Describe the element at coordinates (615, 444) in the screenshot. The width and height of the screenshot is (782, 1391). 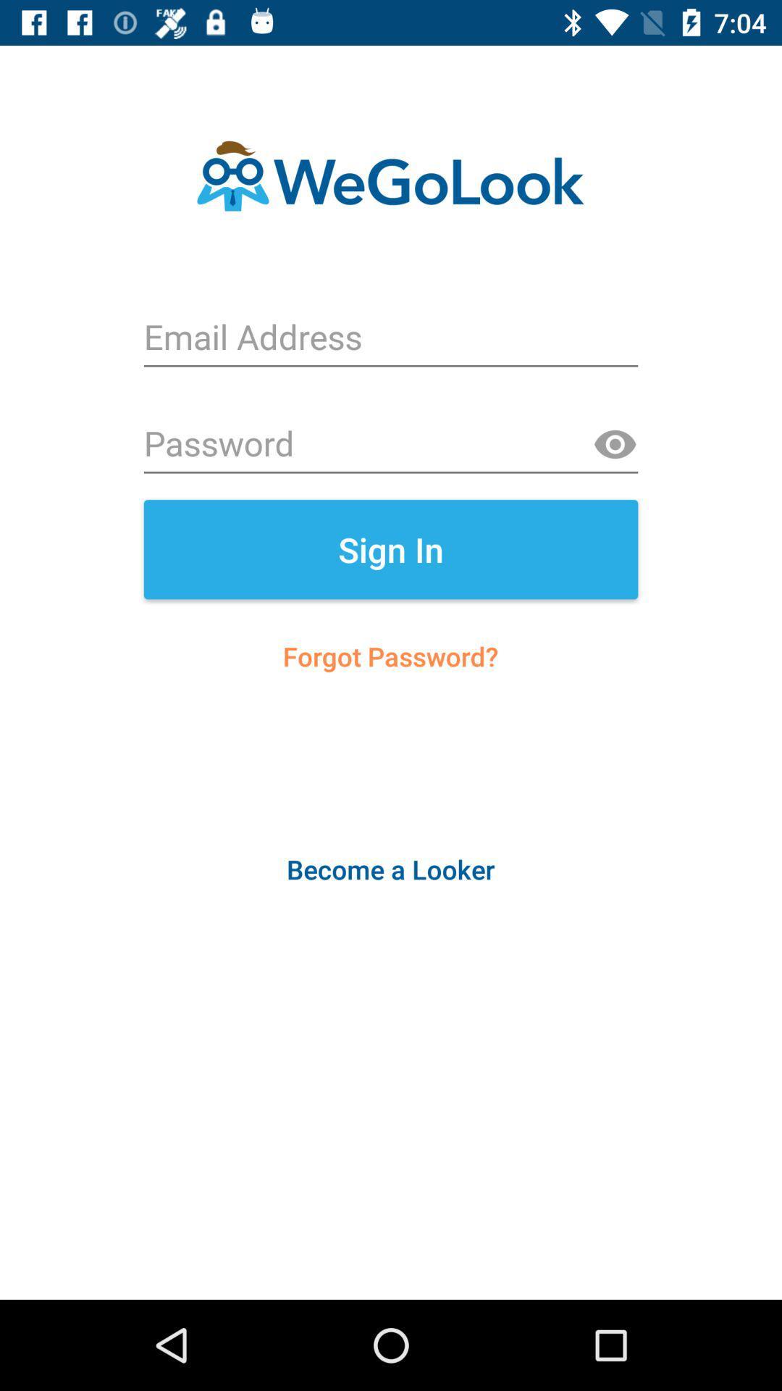
I see `show password text` at that location.